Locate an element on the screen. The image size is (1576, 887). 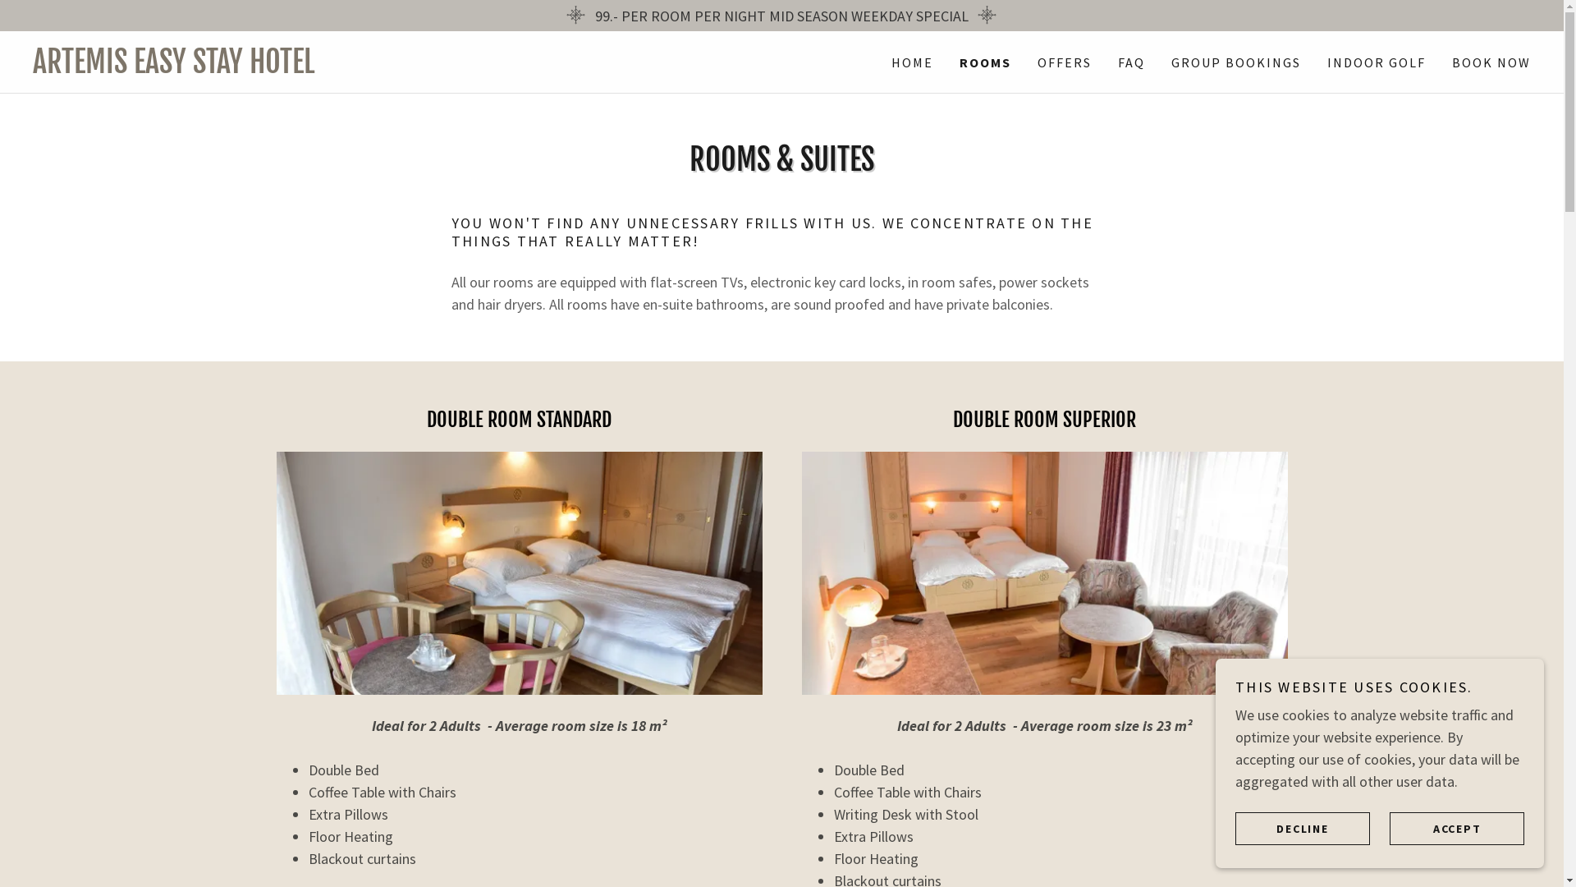
'ARTEMIS EASY STAY HOTEL' is located at coordinates (407, 67).